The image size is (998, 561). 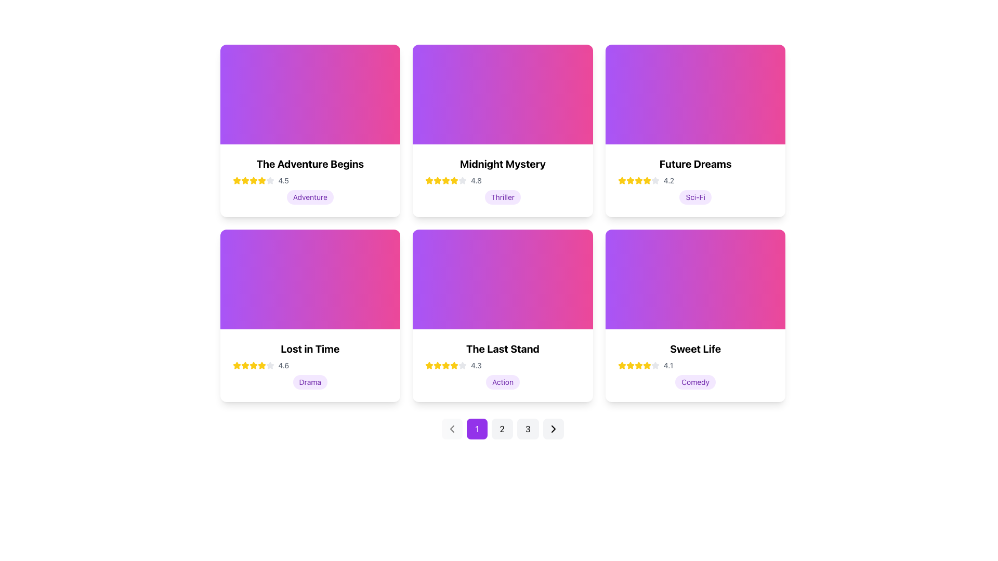 What do you see at coordinates (283, 180) in the screenshot?
I see `the Text label that displays the numeric rating, located to the right of the fifth star in the rating system within the top-left card of the user interface` at bounding box center [283, 180].